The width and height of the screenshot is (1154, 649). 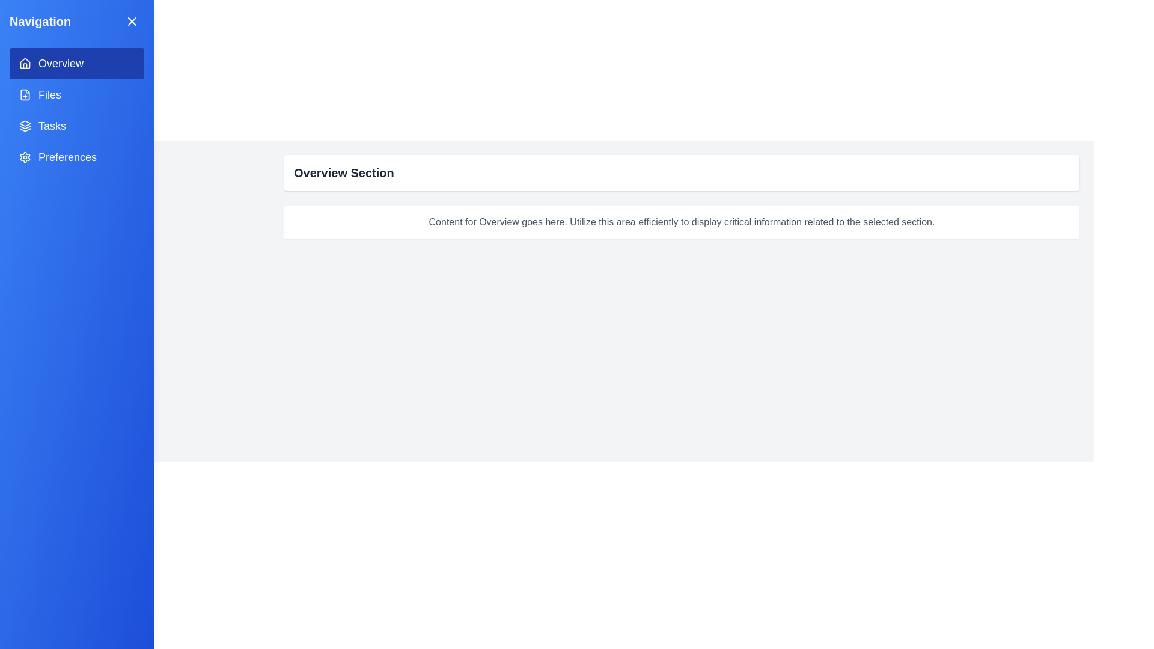 What do you see at coordinates (76, 126) in the screenshot?
I see `the menu item corresponding to Tasks in the navigation menu` at bounding box center [76, 126].